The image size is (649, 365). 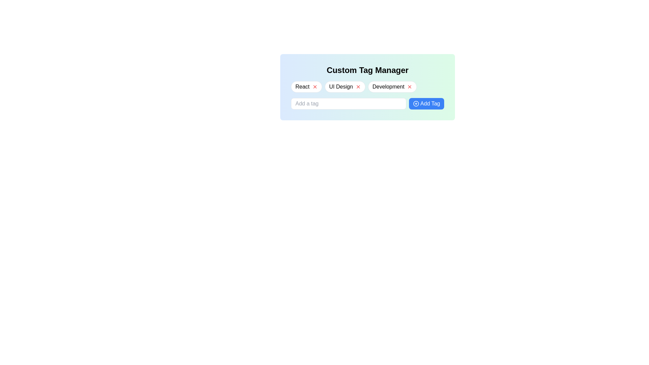 What do you see at coordinates (302, 87) in the screenshot?
I see `the text label representing the tag 'React' in the first tag pill of the tag bar under 'Custom Tag Manager'` at bounding box center [302, 87].